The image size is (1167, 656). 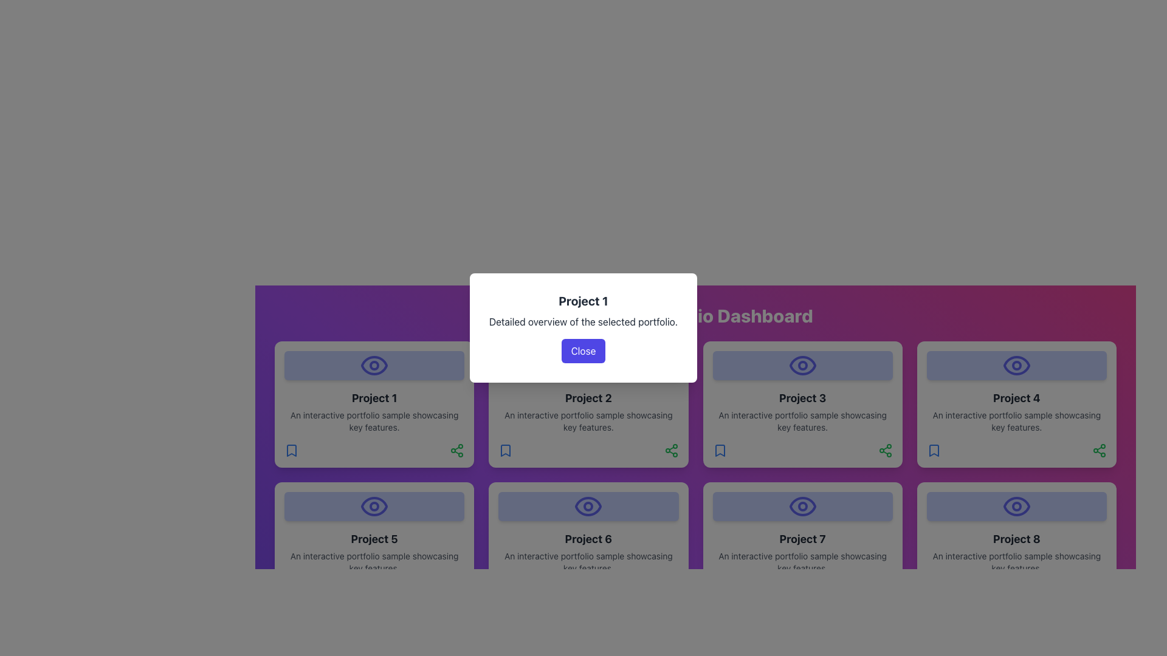 What do you see at coordinates (588, 506) in the screenshot?
I see `the eye icon with a blue outline located at the top of the sixth card, above the title 'Project 6'` at bounding box center [588, 506].